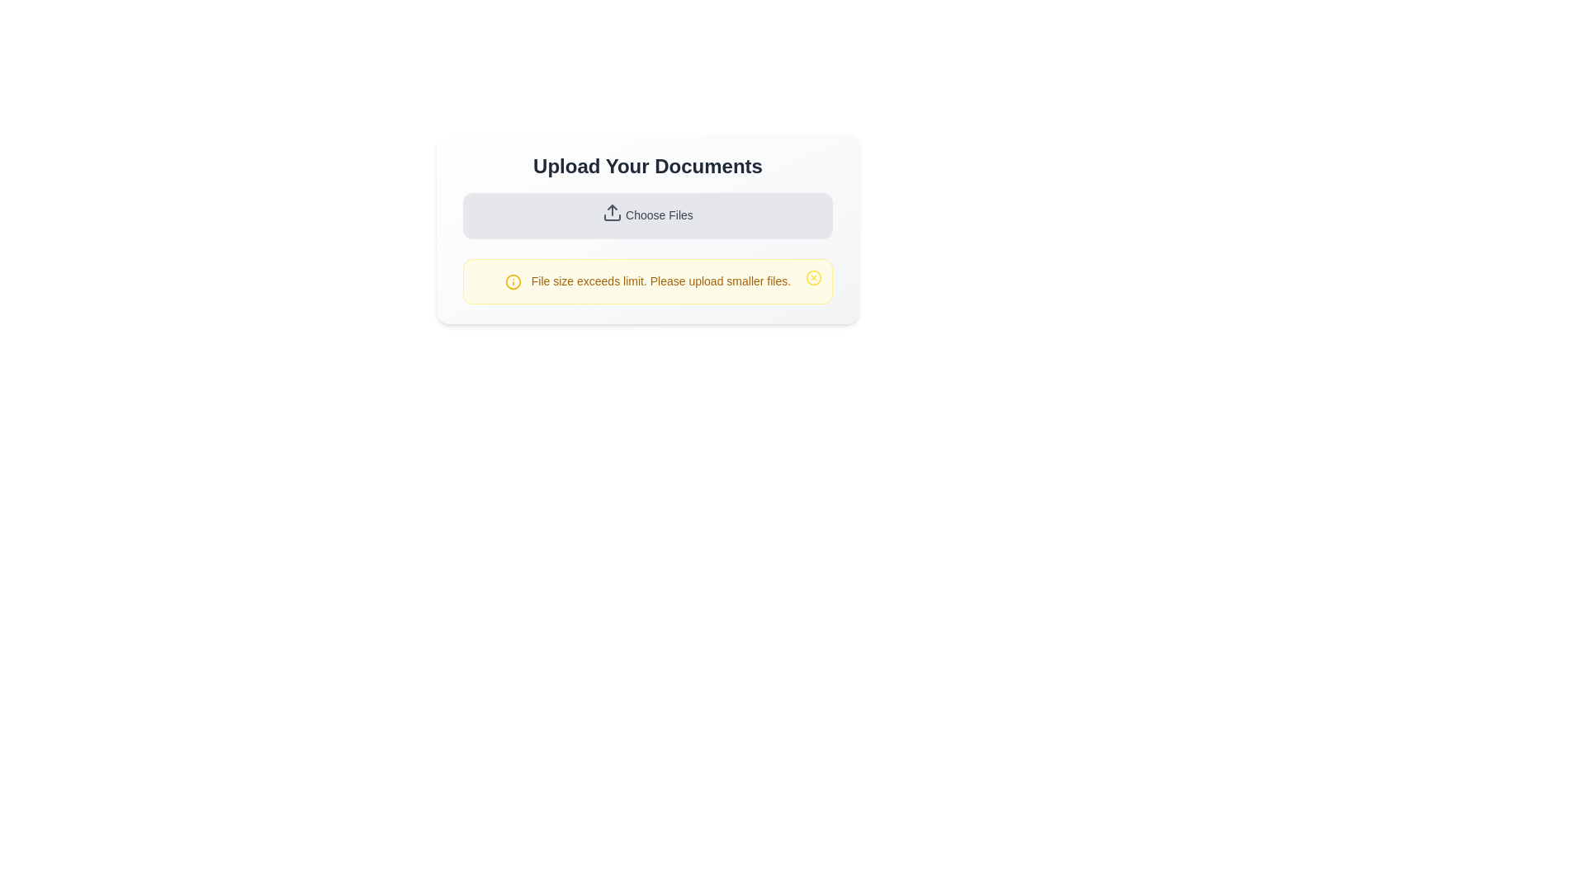 This screenshot has width=1585, height=891. What do you see at coordinates (512, 281) in the screenshot?
I see `informational icon SVG located to the left of the yellow alert message box that reads 'File size exceeds limit. Please upload smaller files.'` at bounding box center [512, 281].